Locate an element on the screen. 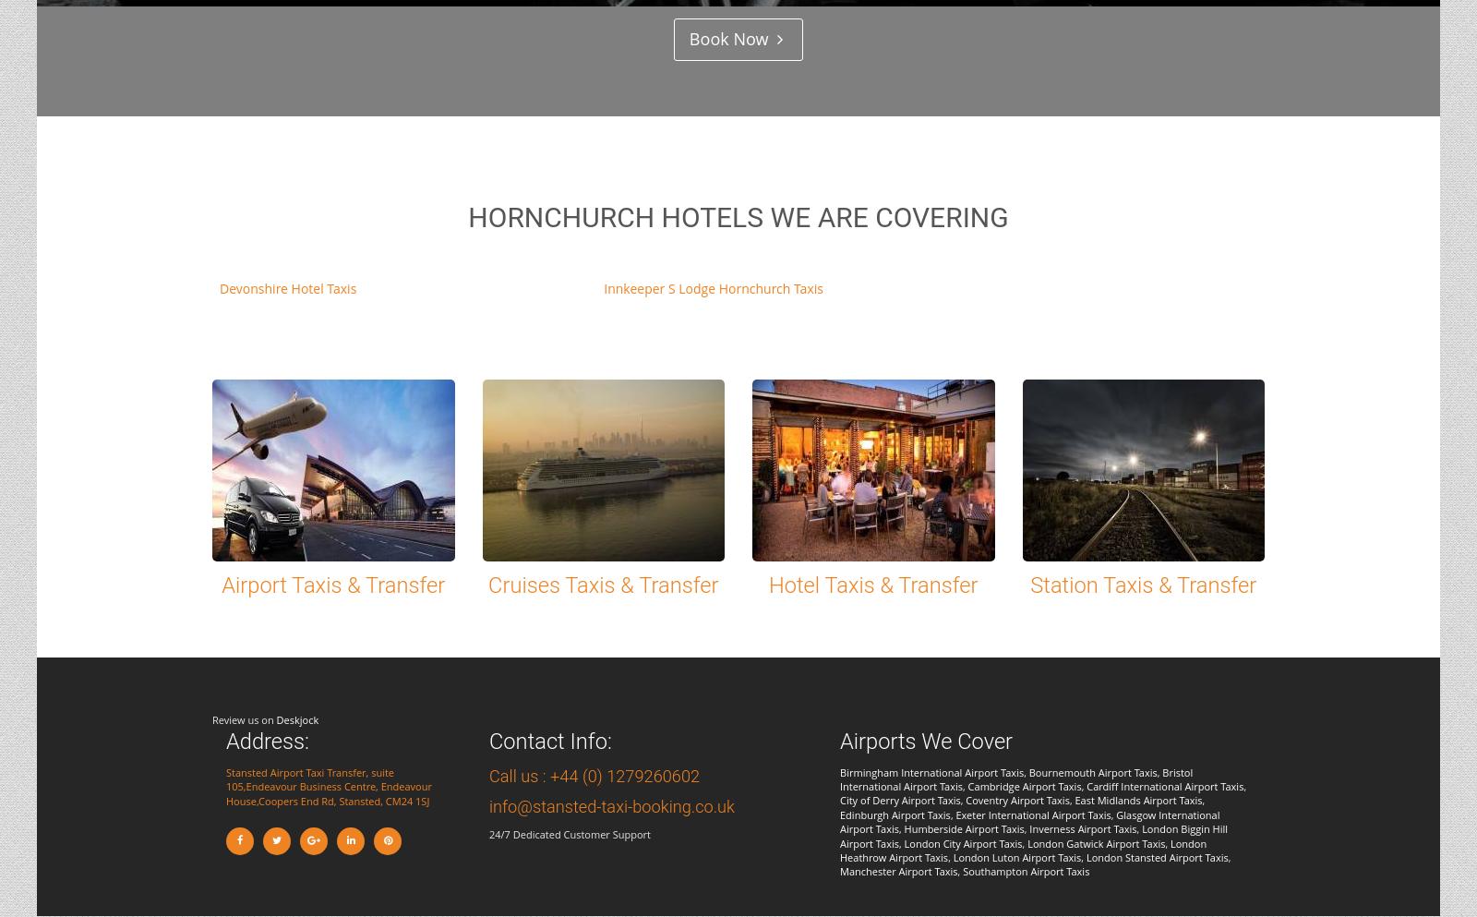 The width and height of the screenshot is (1477, 917). 'Call us : +44 (0) 1279260602' is located at coordinates (594, 775).